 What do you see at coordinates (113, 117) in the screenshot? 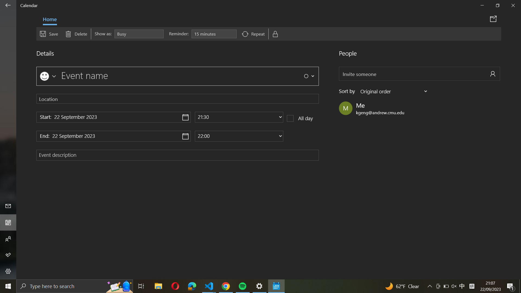
I see `Establish "31 December 2021" as the commencement date` at bounding box center [113, 117].